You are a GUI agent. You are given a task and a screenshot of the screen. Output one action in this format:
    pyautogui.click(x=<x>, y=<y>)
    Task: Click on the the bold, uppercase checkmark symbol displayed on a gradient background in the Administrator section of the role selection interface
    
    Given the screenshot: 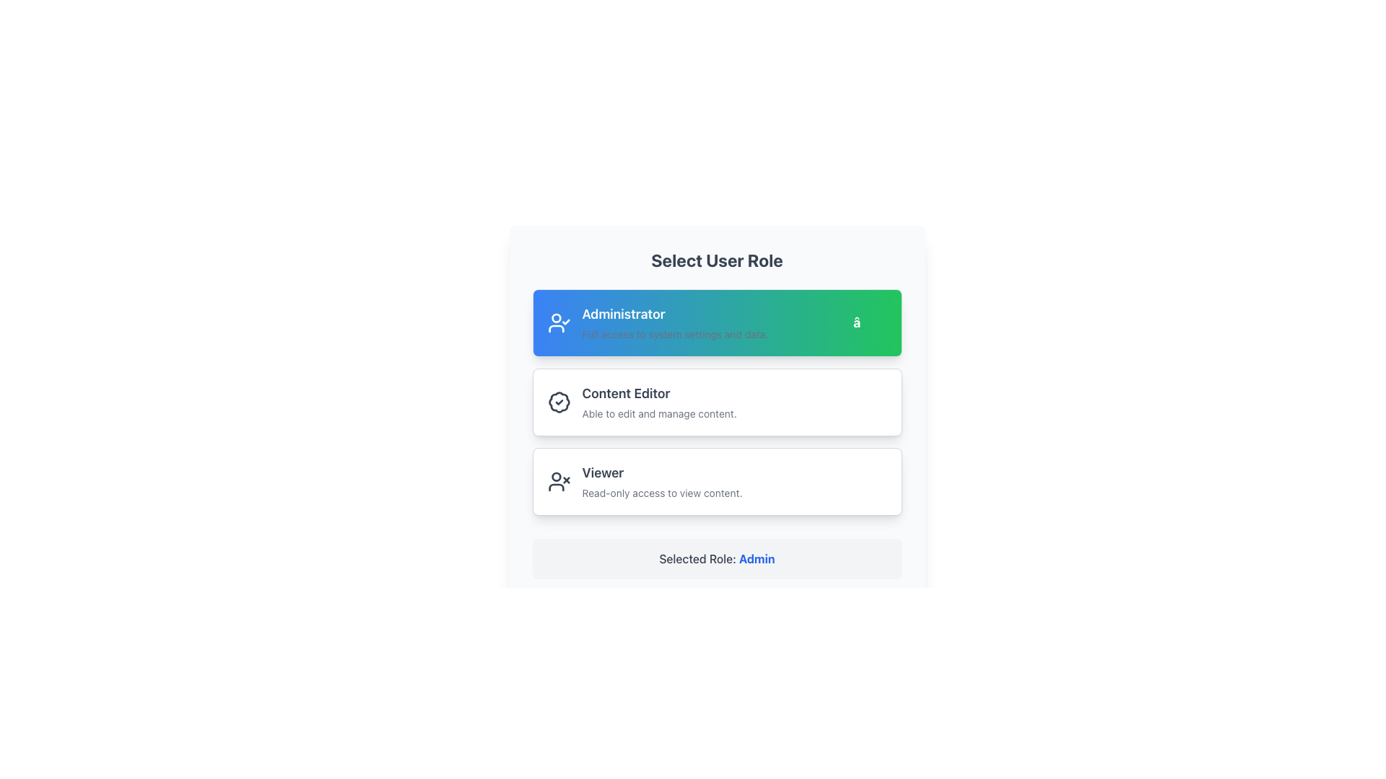 What is the action you would take?
    pyautogui.click(x=869, y=322)
    